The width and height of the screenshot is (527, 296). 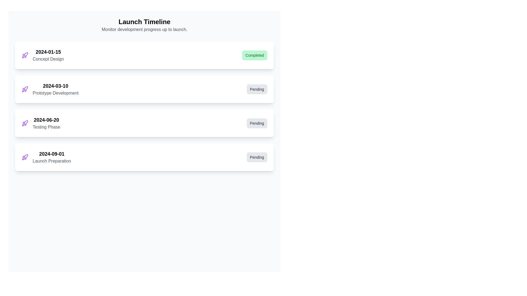 What do you see at coordinates (52, 157) in the screenshot?
I see `the label displaying the date '2024-09-01' and the description 'Launch Preparation', which is the fourth element in a vertically stacked timeline layout` at bounding box center [52, 157].